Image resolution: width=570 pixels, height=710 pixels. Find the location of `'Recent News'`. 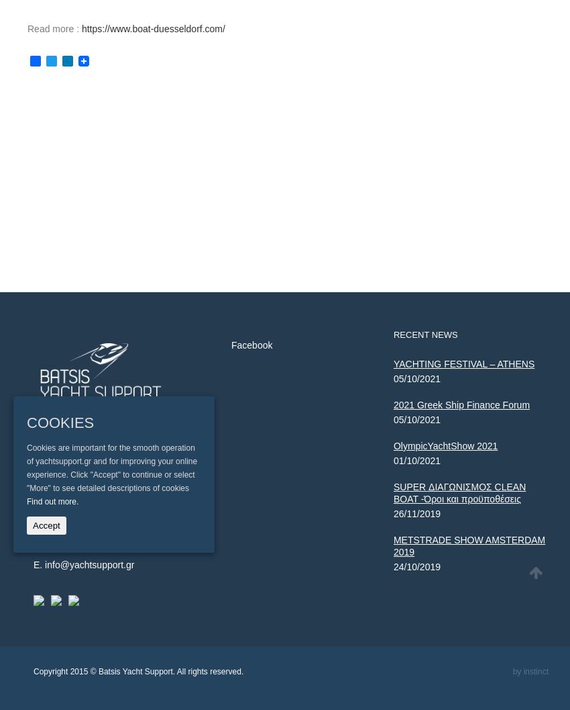

'Recent News' is located at coordinates (424, 335).